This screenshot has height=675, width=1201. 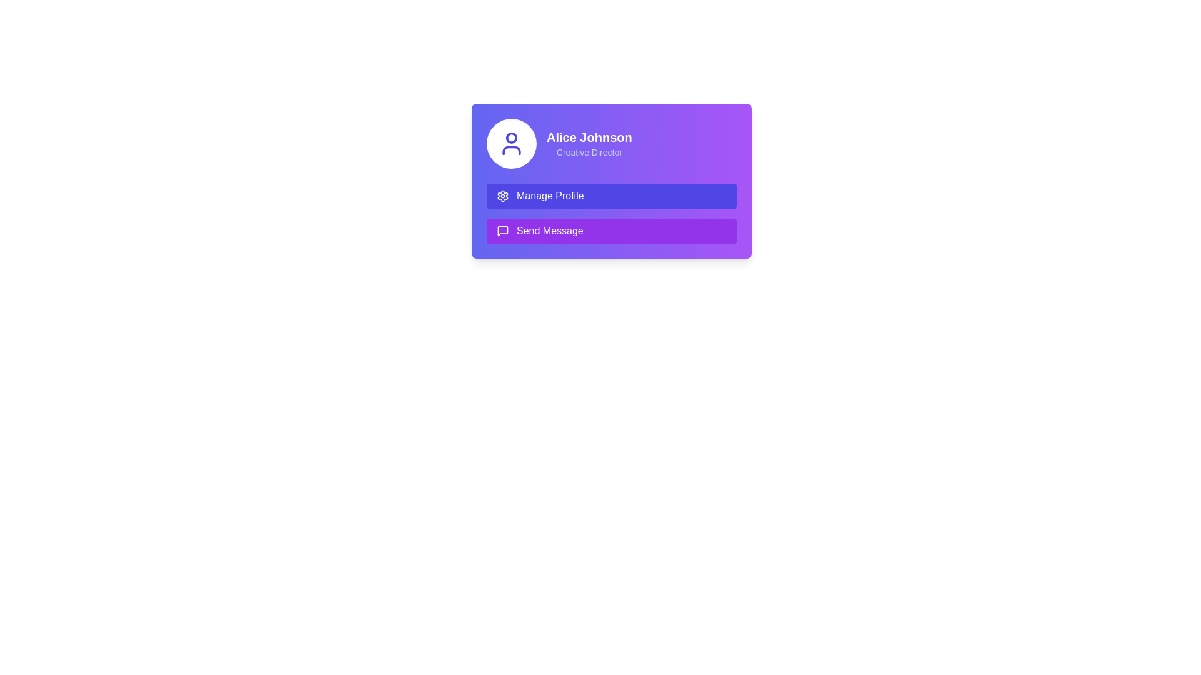 I want to click on the text label displaying 'Alice Johnson' which identifies a person within the card UI for potential interactive behavior, so click(x=588, y=137).